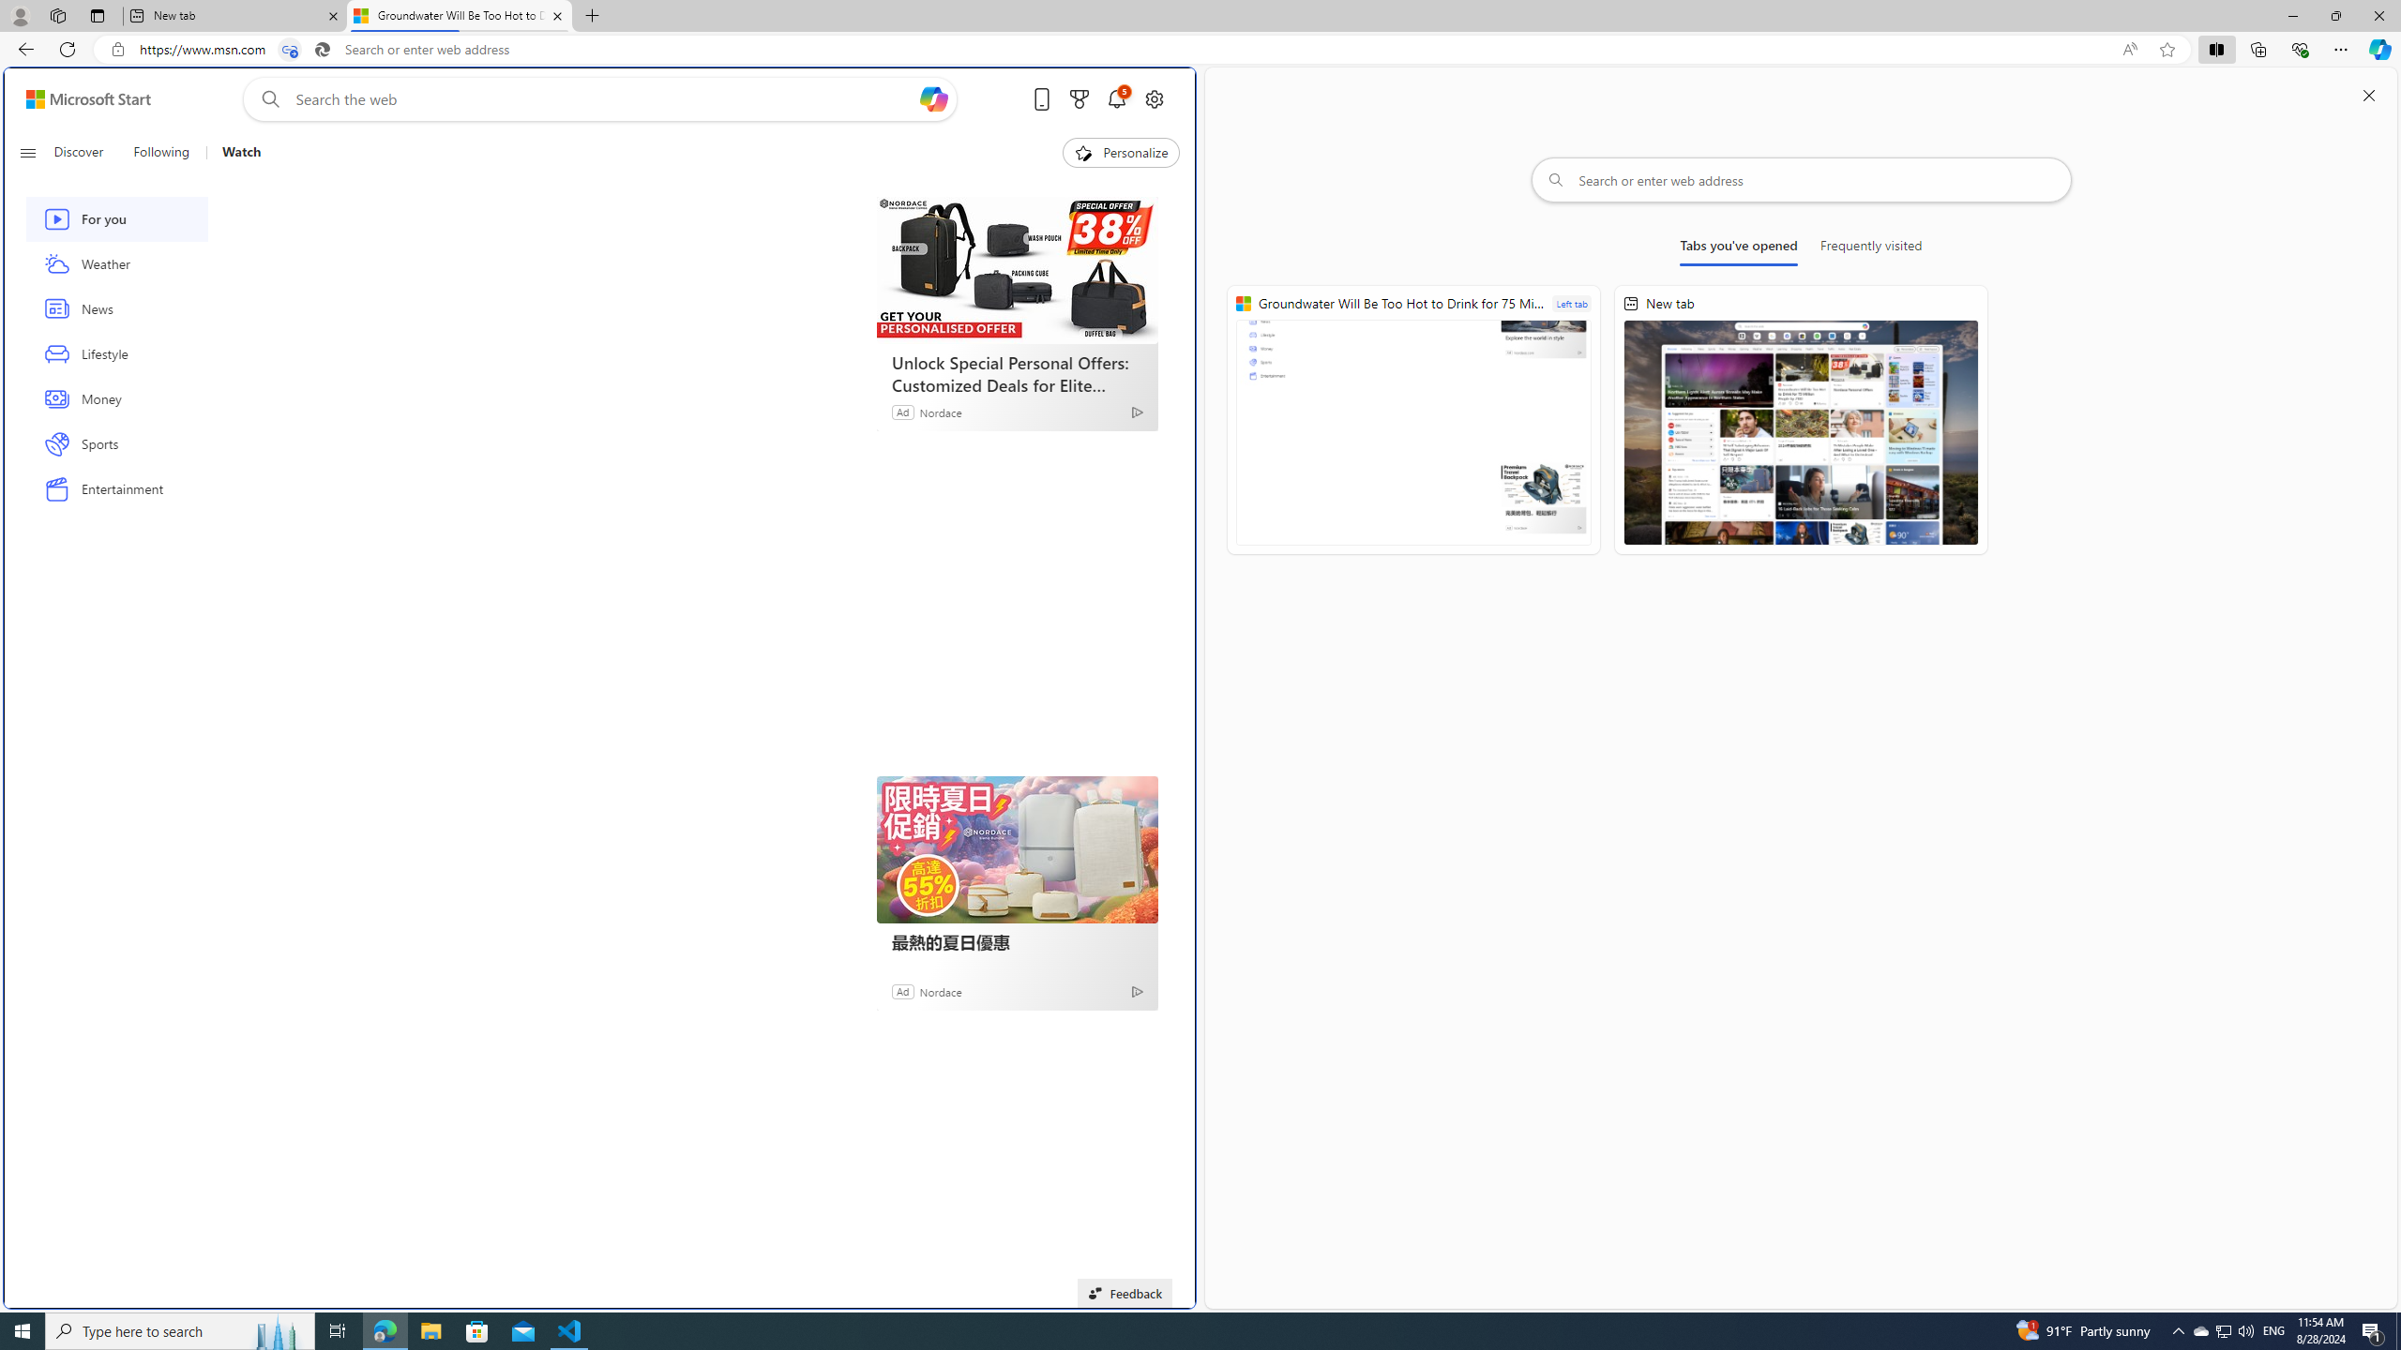 The height and width of the screenshot is (1350, 2401). Describe the element at coordinates (1120, 152) in the screenshot. I see `'Personalize'` at that location.